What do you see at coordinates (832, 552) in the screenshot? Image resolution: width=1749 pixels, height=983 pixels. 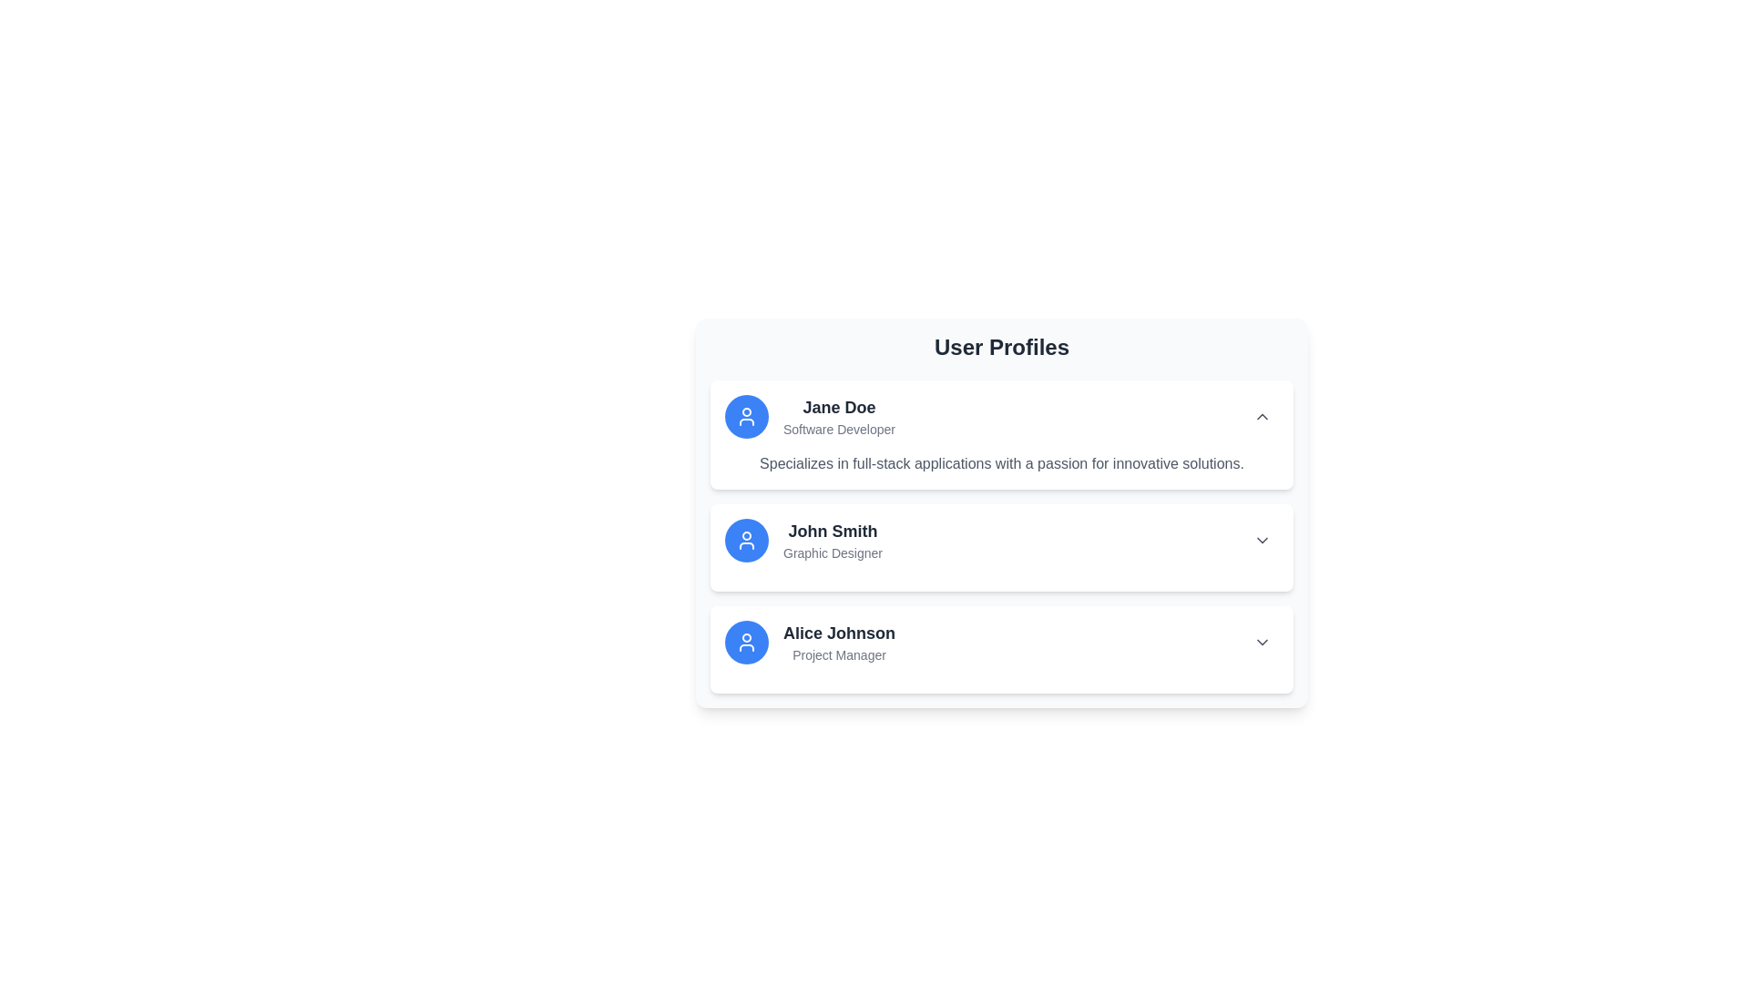 I see `the Static Text displaying the professional title 'Graphic Designer' of the individual 'John Smith' in the user profile card` at bounding box center [832, 552].